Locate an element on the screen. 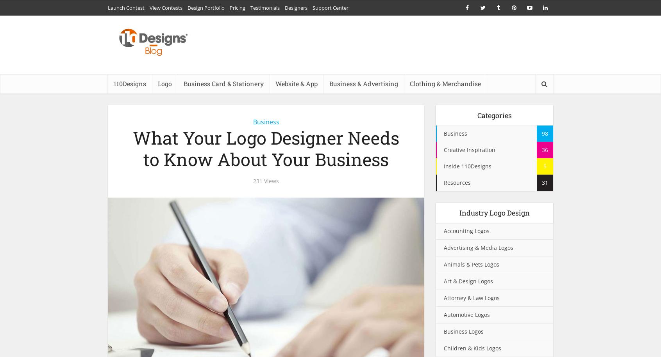 Image resolution: width=661 pixels, height=357 pixels. 'Categories' is located at coordinates (494, 115).